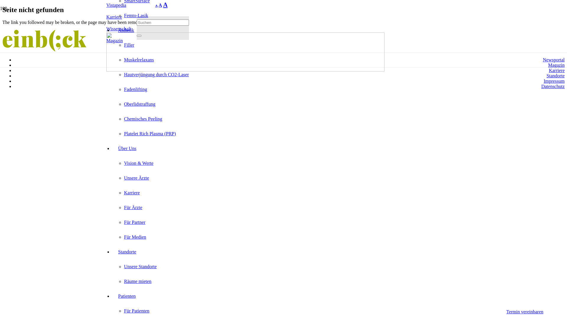 The height and width of the screenshot is (319, 567). I want to click on 'Unsere Standorte', so click(124, 266).